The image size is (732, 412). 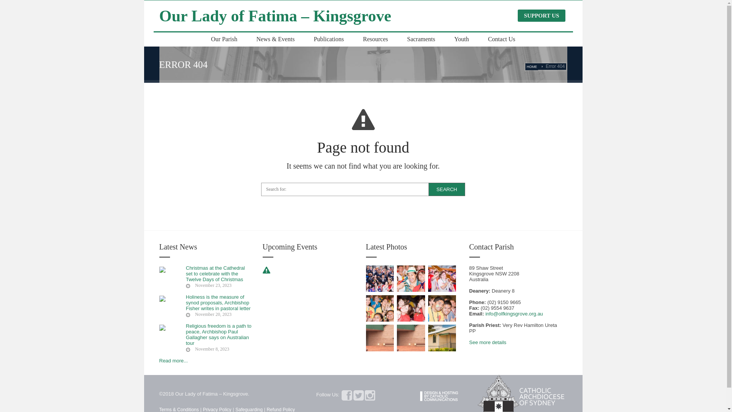 What do you see at coordinates (329, 39) in the screenshot?
I see `'Publications'` at bounding box center [329, 39].